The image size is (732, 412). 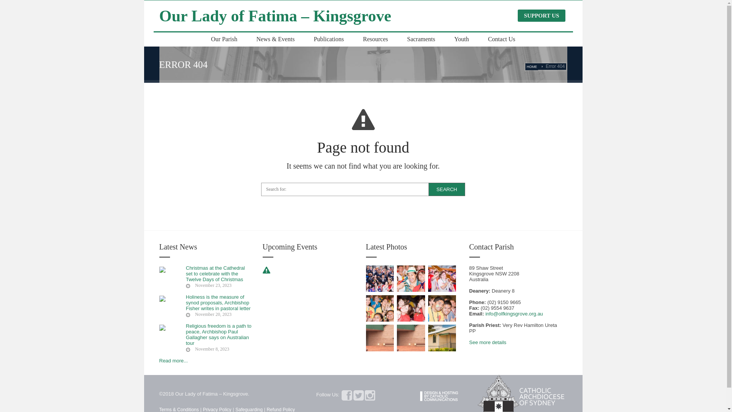 What do you see at coordinates (329, 39) in the screenshot?
I see `'Publications'` at bounding box center [329, 39].